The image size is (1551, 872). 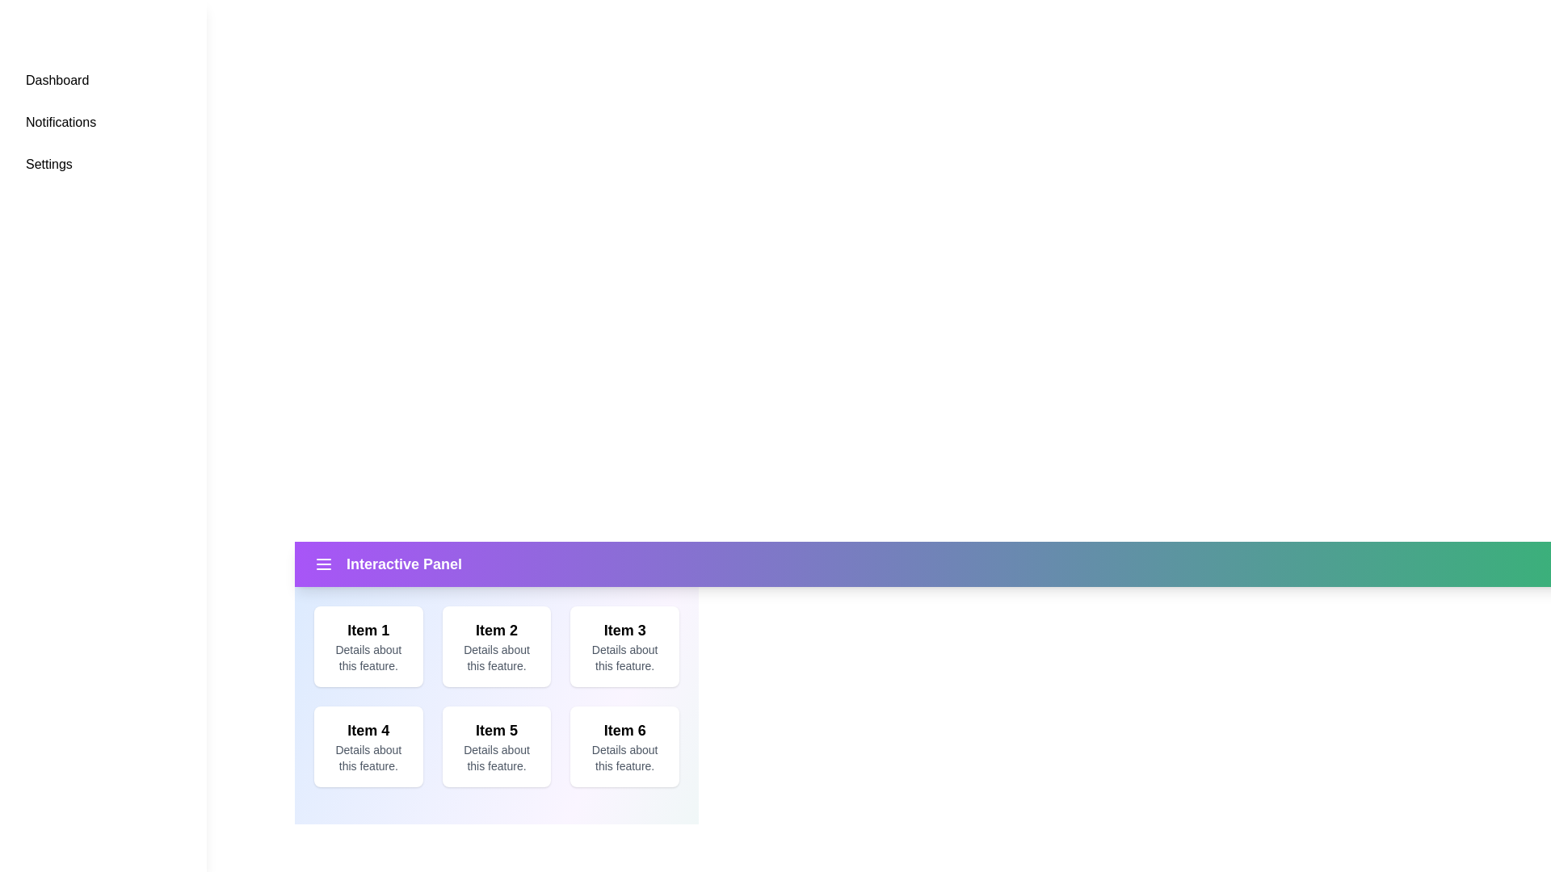 I want to click on the horizontally elongated button labeled 'Dashboard' with rounded corners, so click(x=103, y=81).